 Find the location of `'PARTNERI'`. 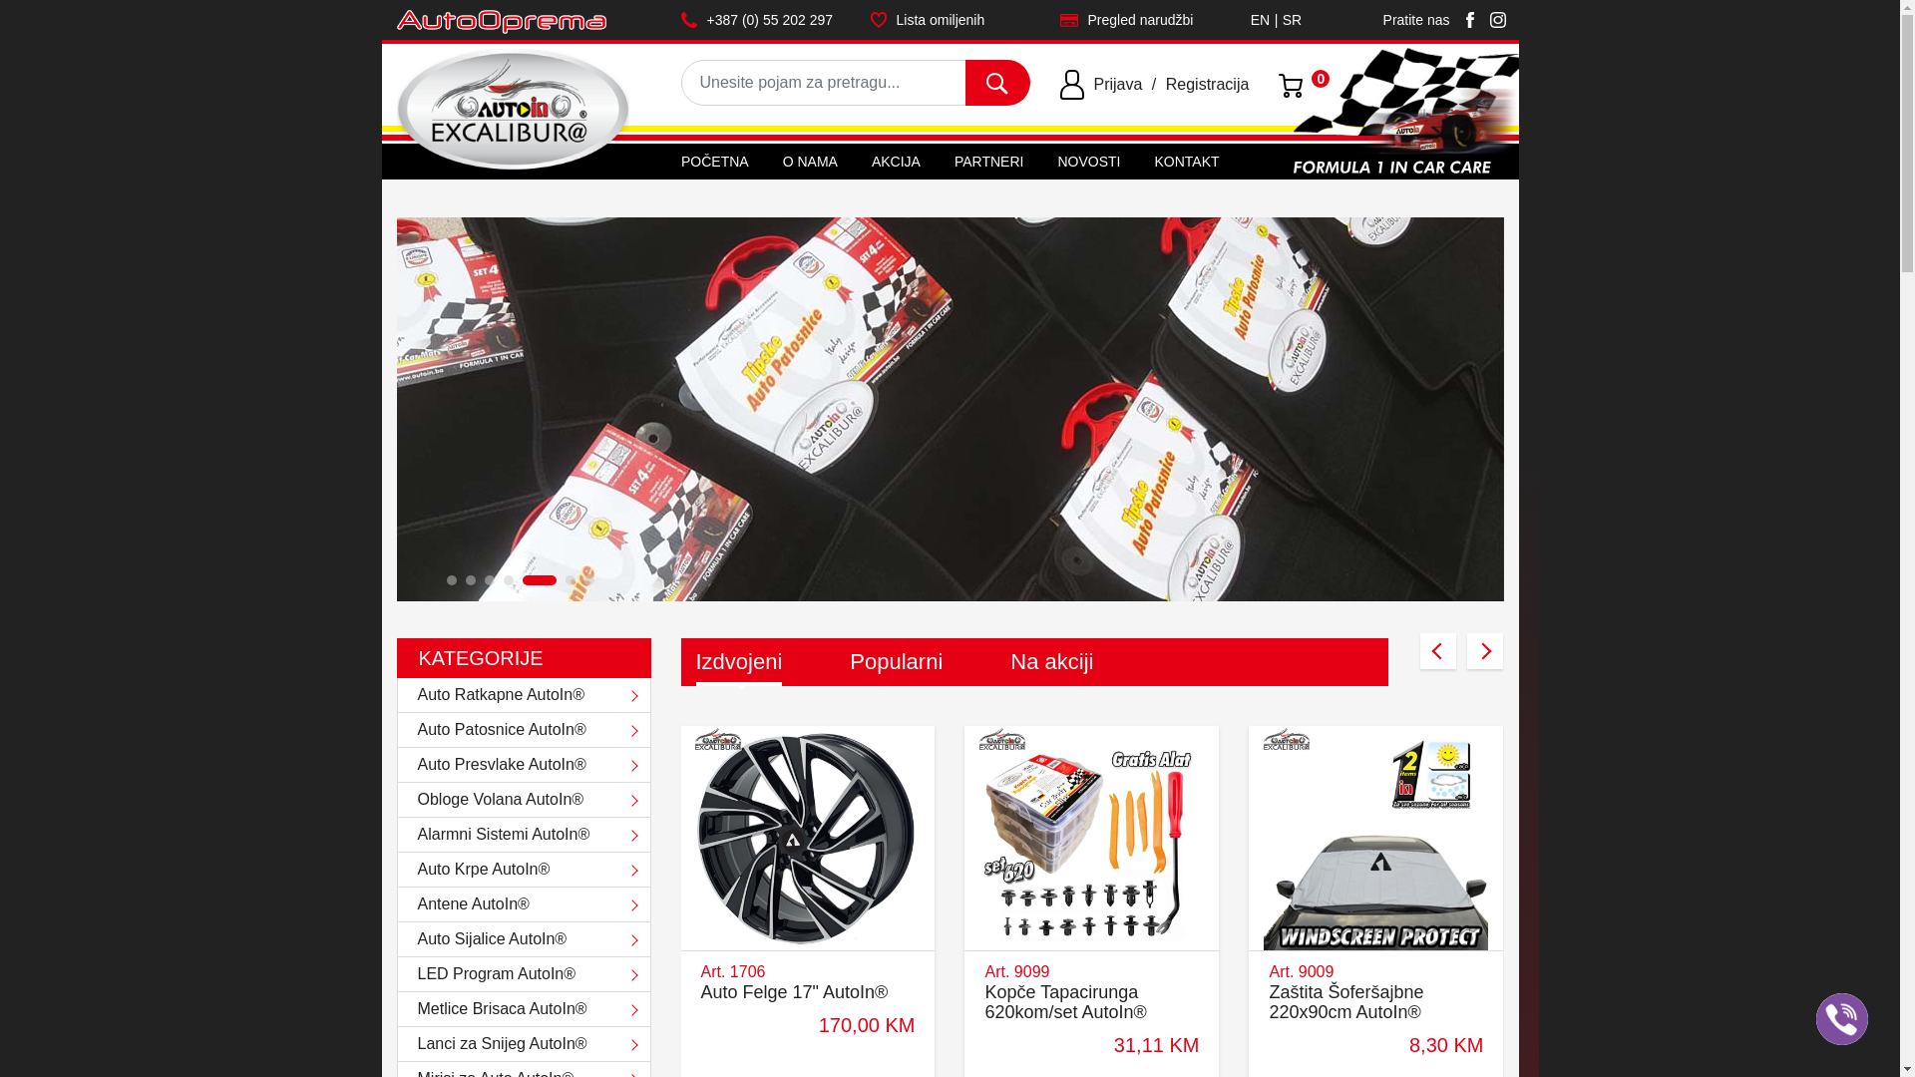

'PARTNERI' is located at coordinates (989, 161).